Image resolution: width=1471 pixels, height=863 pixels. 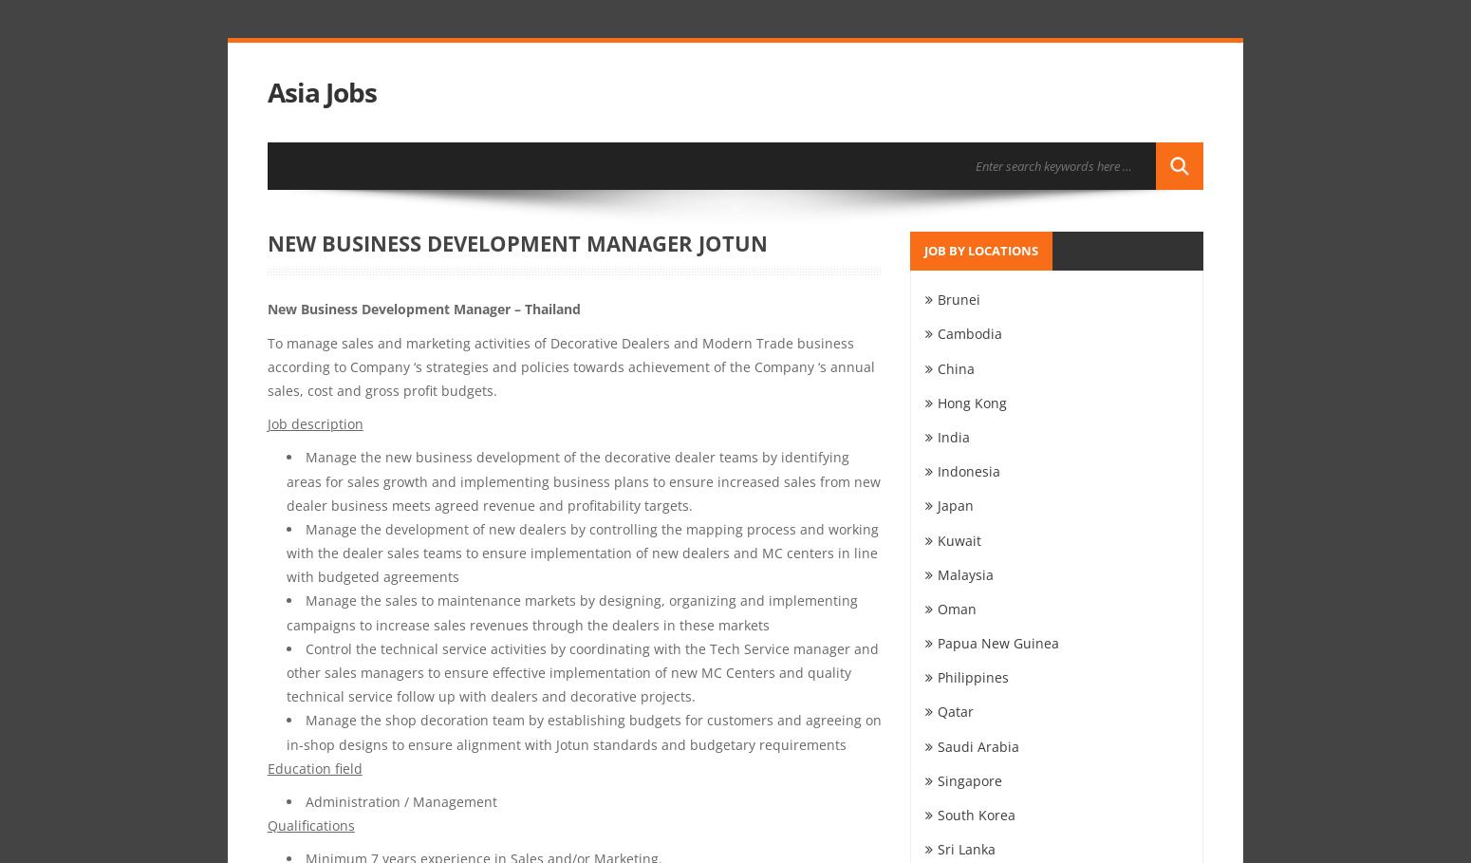 I want to click on 'Job description', so click(x=267, y=422).